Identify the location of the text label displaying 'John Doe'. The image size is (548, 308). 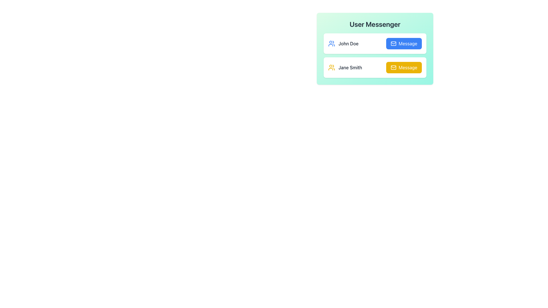
(348, 43).